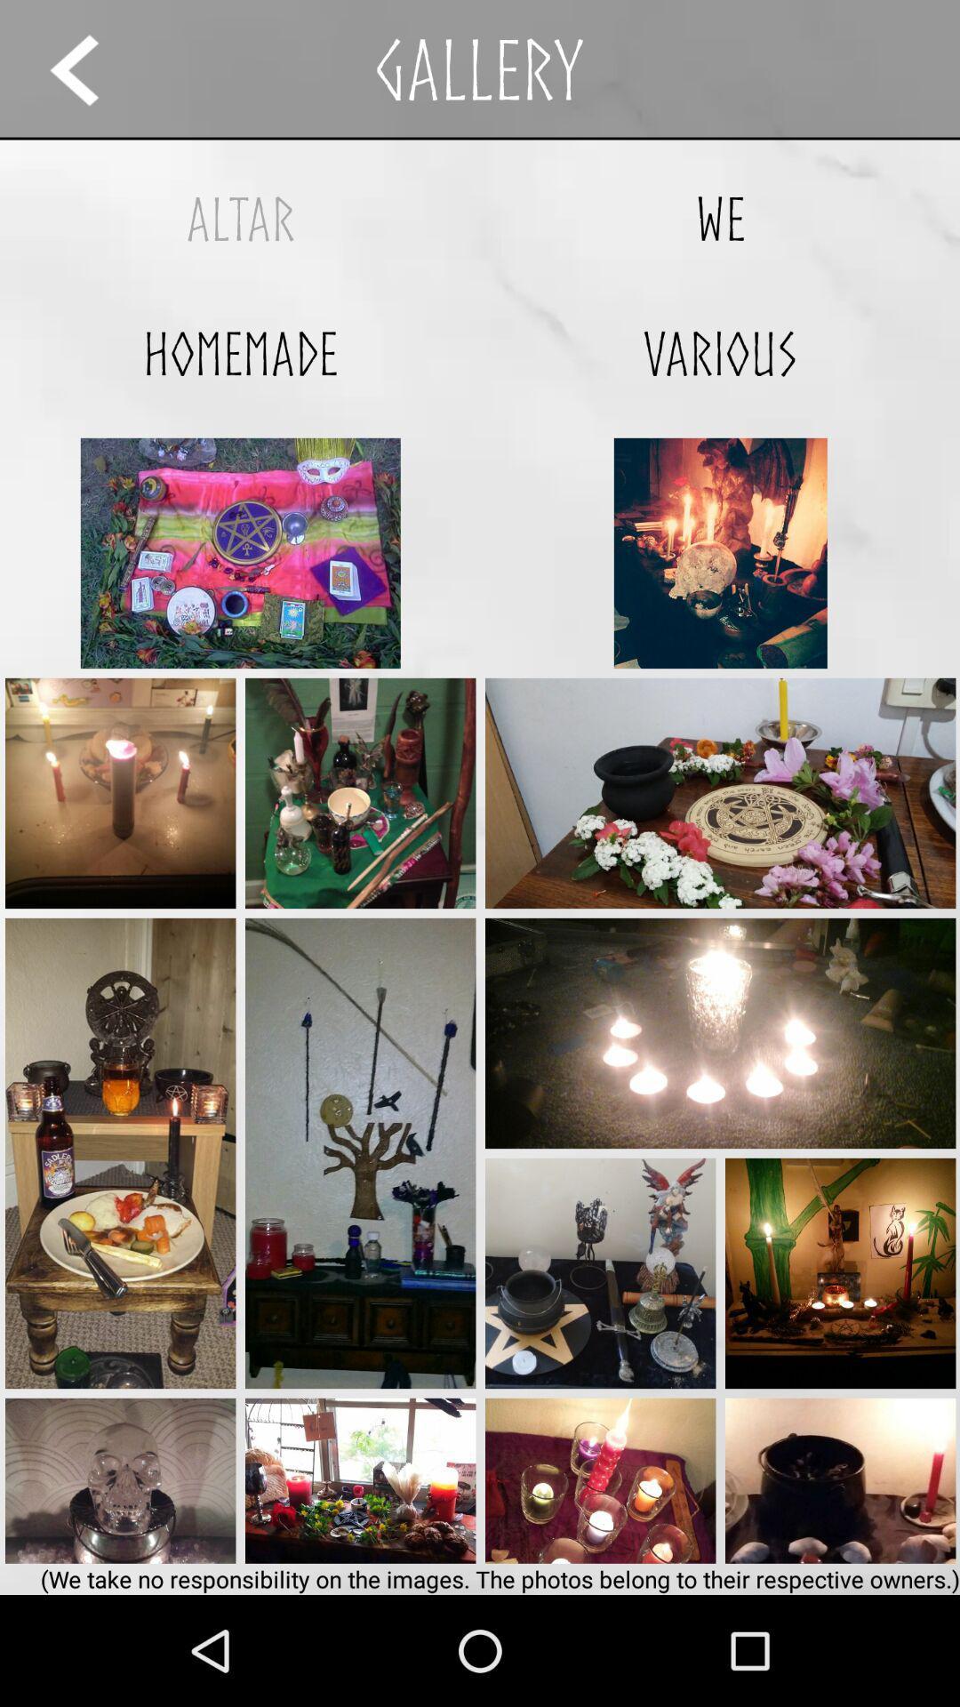 The width and height of the screenshot is (960, 1707). Describe the element at coordinates (240, 353) in the screenshot. I see `homemade item` at that location.